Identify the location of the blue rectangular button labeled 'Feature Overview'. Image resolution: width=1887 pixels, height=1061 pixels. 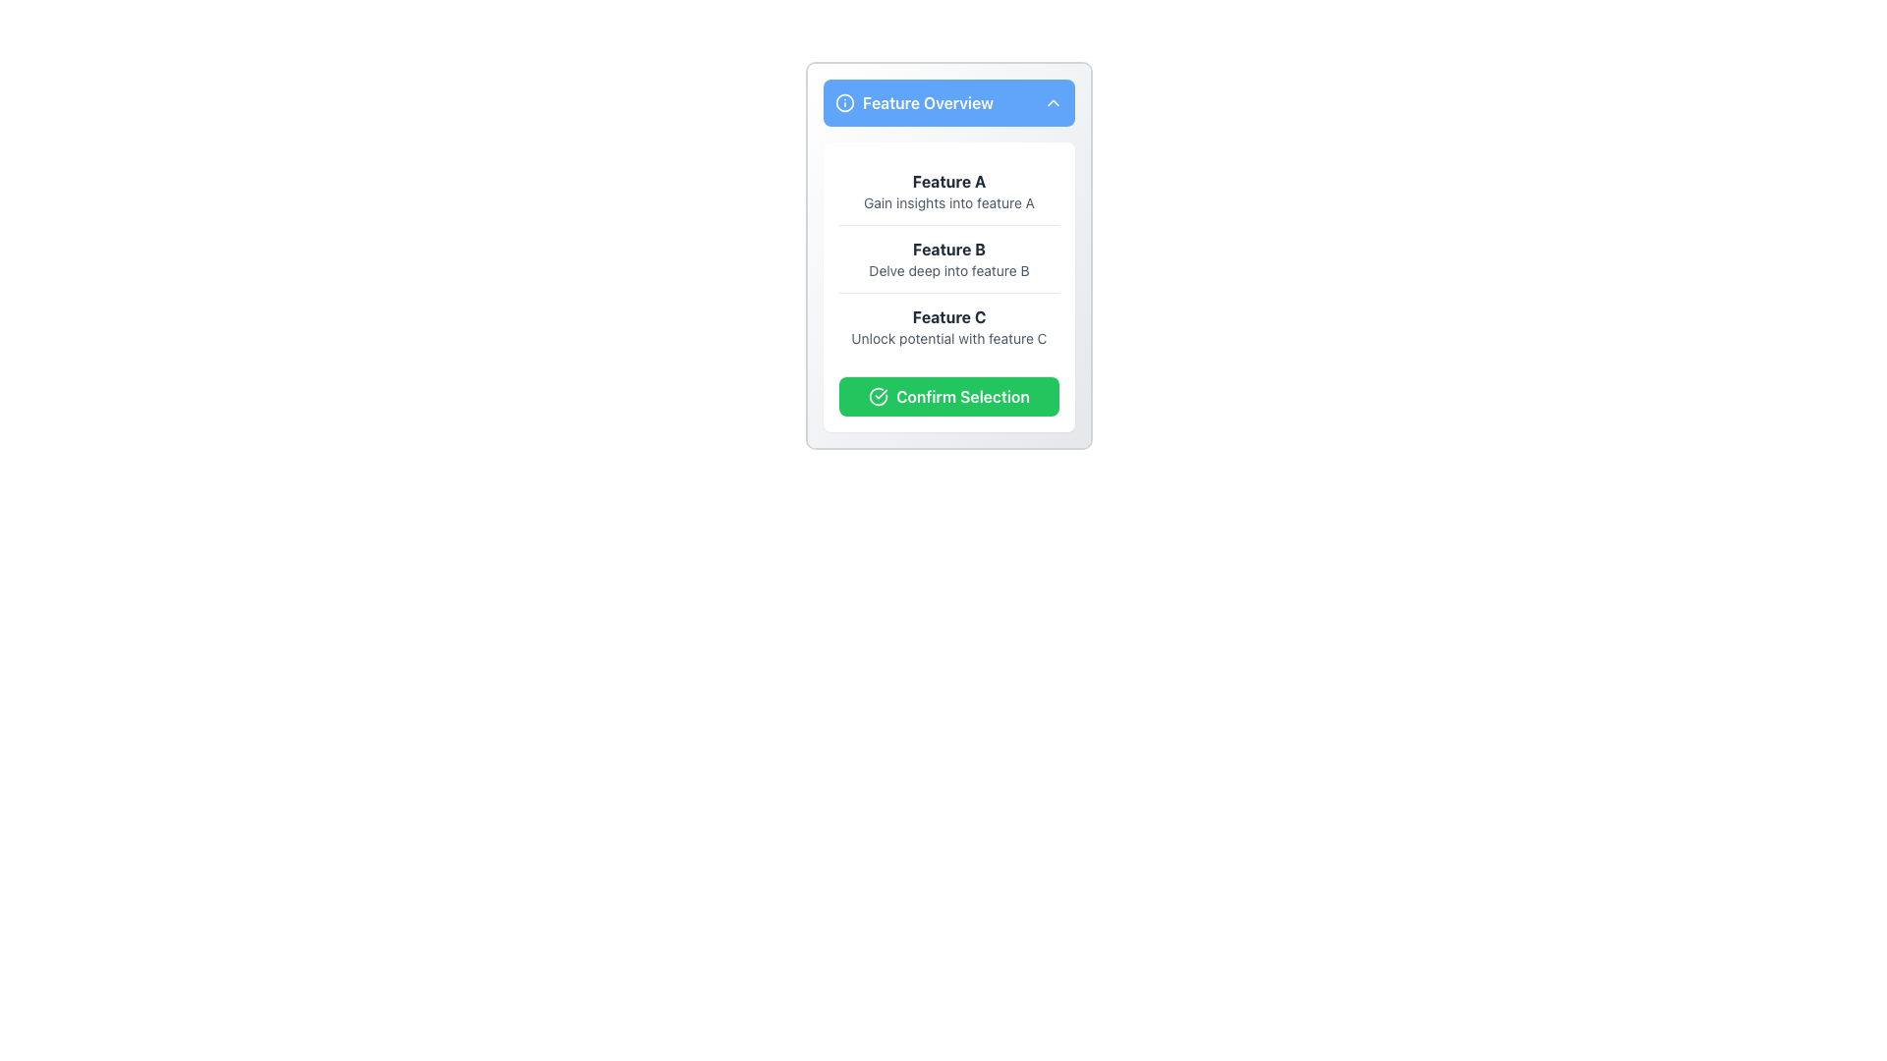
(948, 102).